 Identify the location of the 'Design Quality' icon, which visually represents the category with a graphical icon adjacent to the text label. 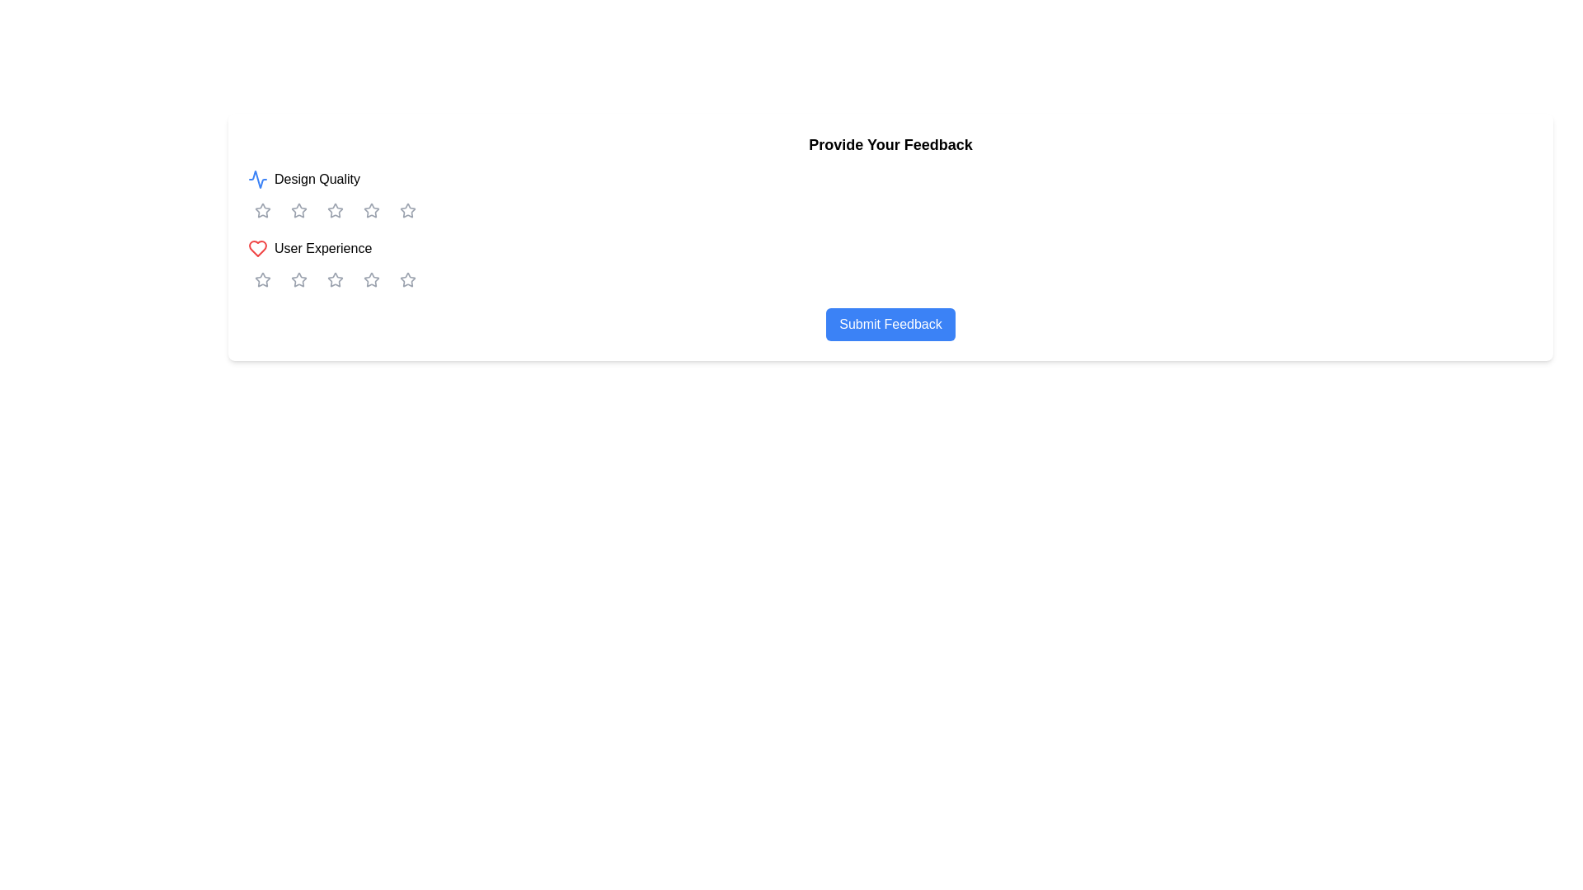
(256, 180).